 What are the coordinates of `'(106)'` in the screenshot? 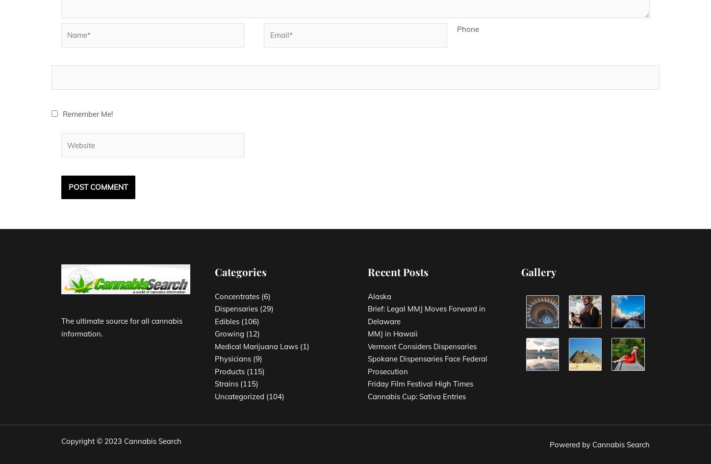 It's located at (249, 321).